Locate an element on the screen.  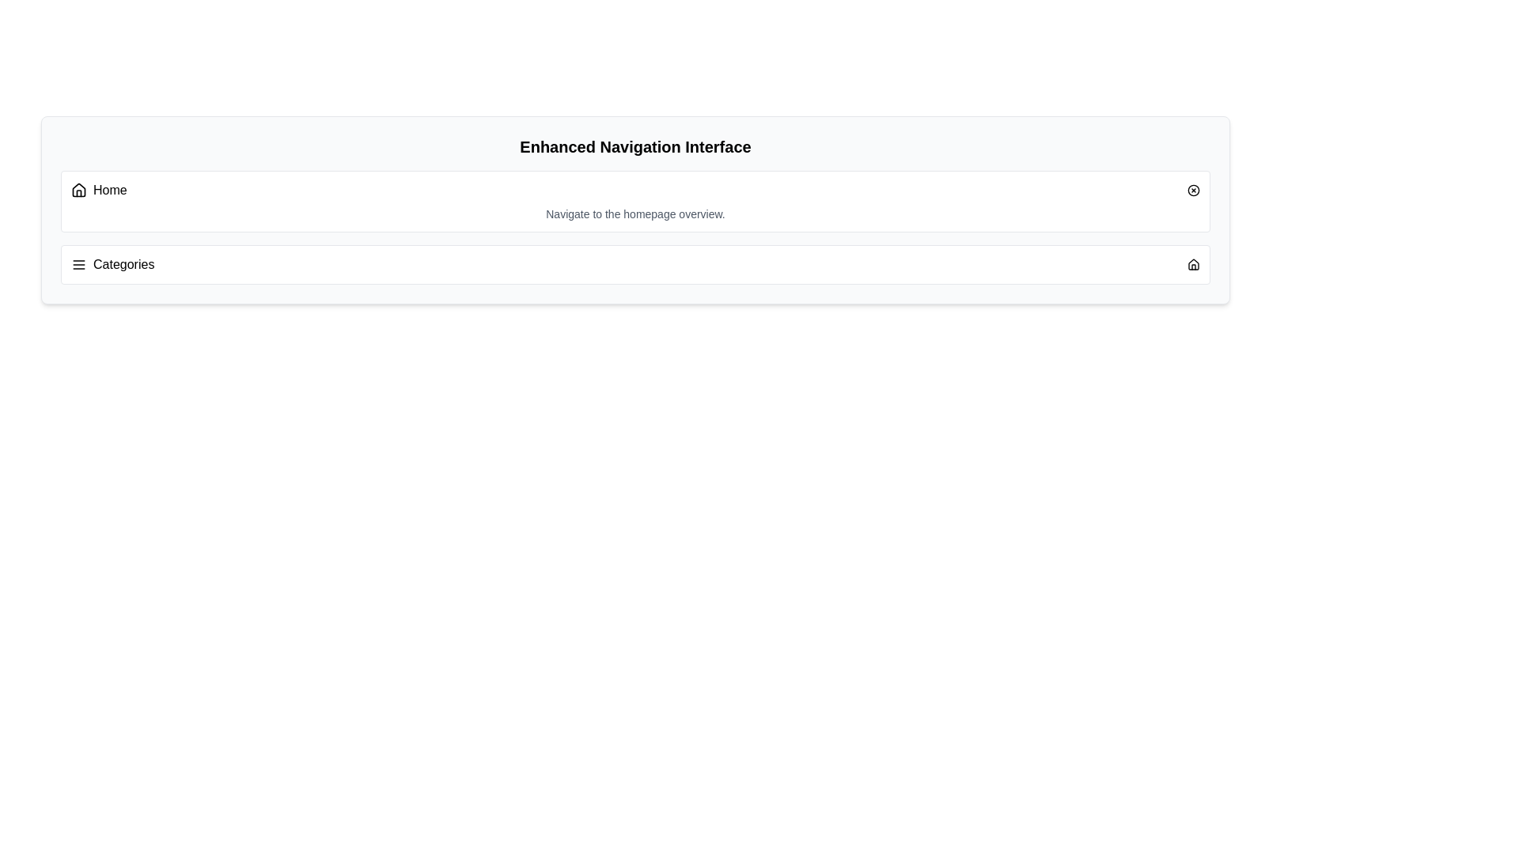
the 'Categories' Text and Icon Button located in the top-left corner of the section below the primary navigation bar is located at coordinates (112, 264).